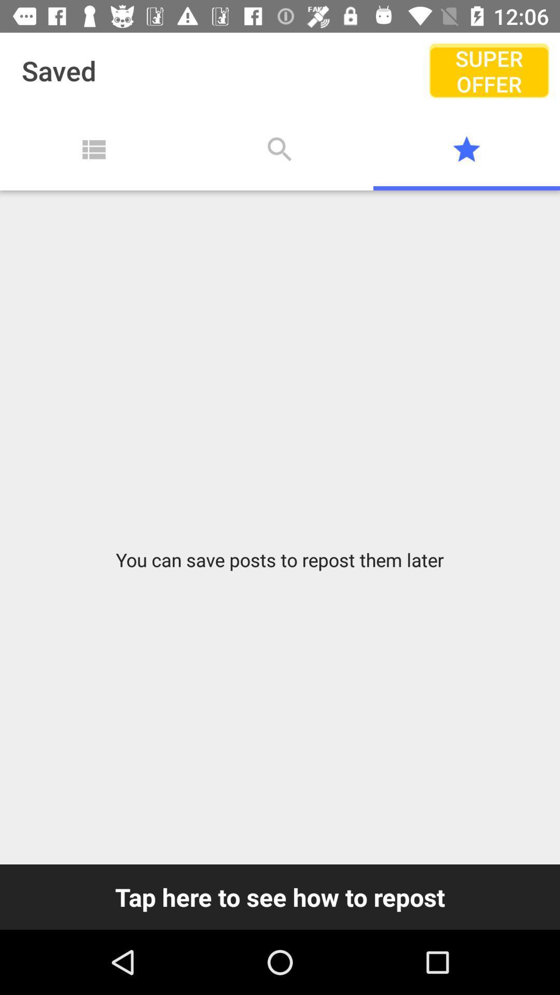 This screenshot has height=995, width=560. I want to click on icon below you can save icon, so click(280, 897).